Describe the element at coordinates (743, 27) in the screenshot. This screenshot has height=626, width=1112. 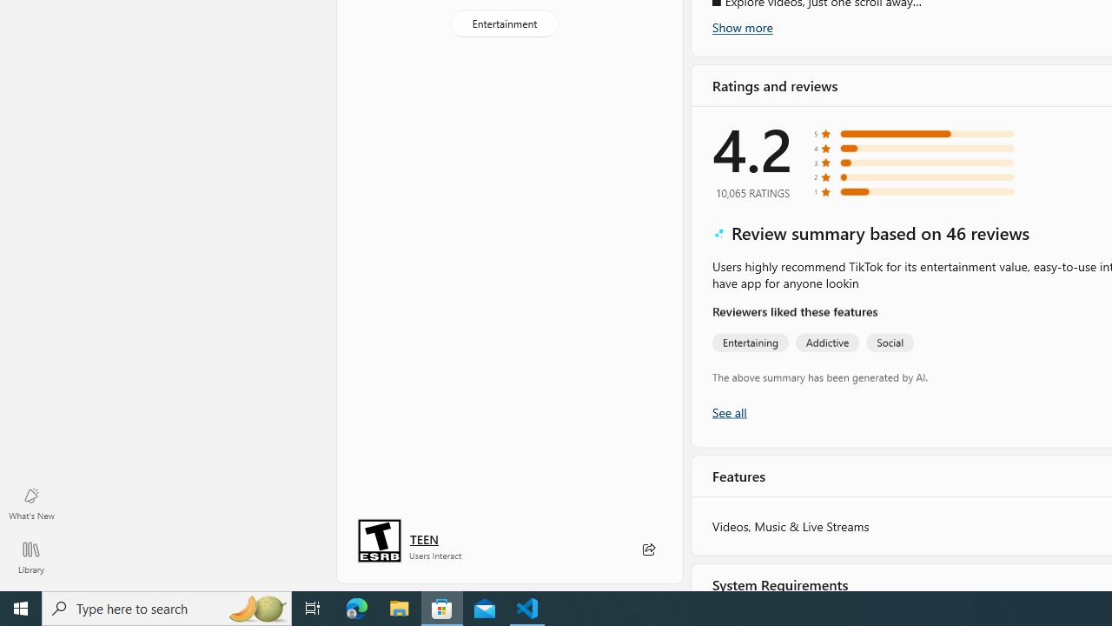
I see `'Show more'` at that location.